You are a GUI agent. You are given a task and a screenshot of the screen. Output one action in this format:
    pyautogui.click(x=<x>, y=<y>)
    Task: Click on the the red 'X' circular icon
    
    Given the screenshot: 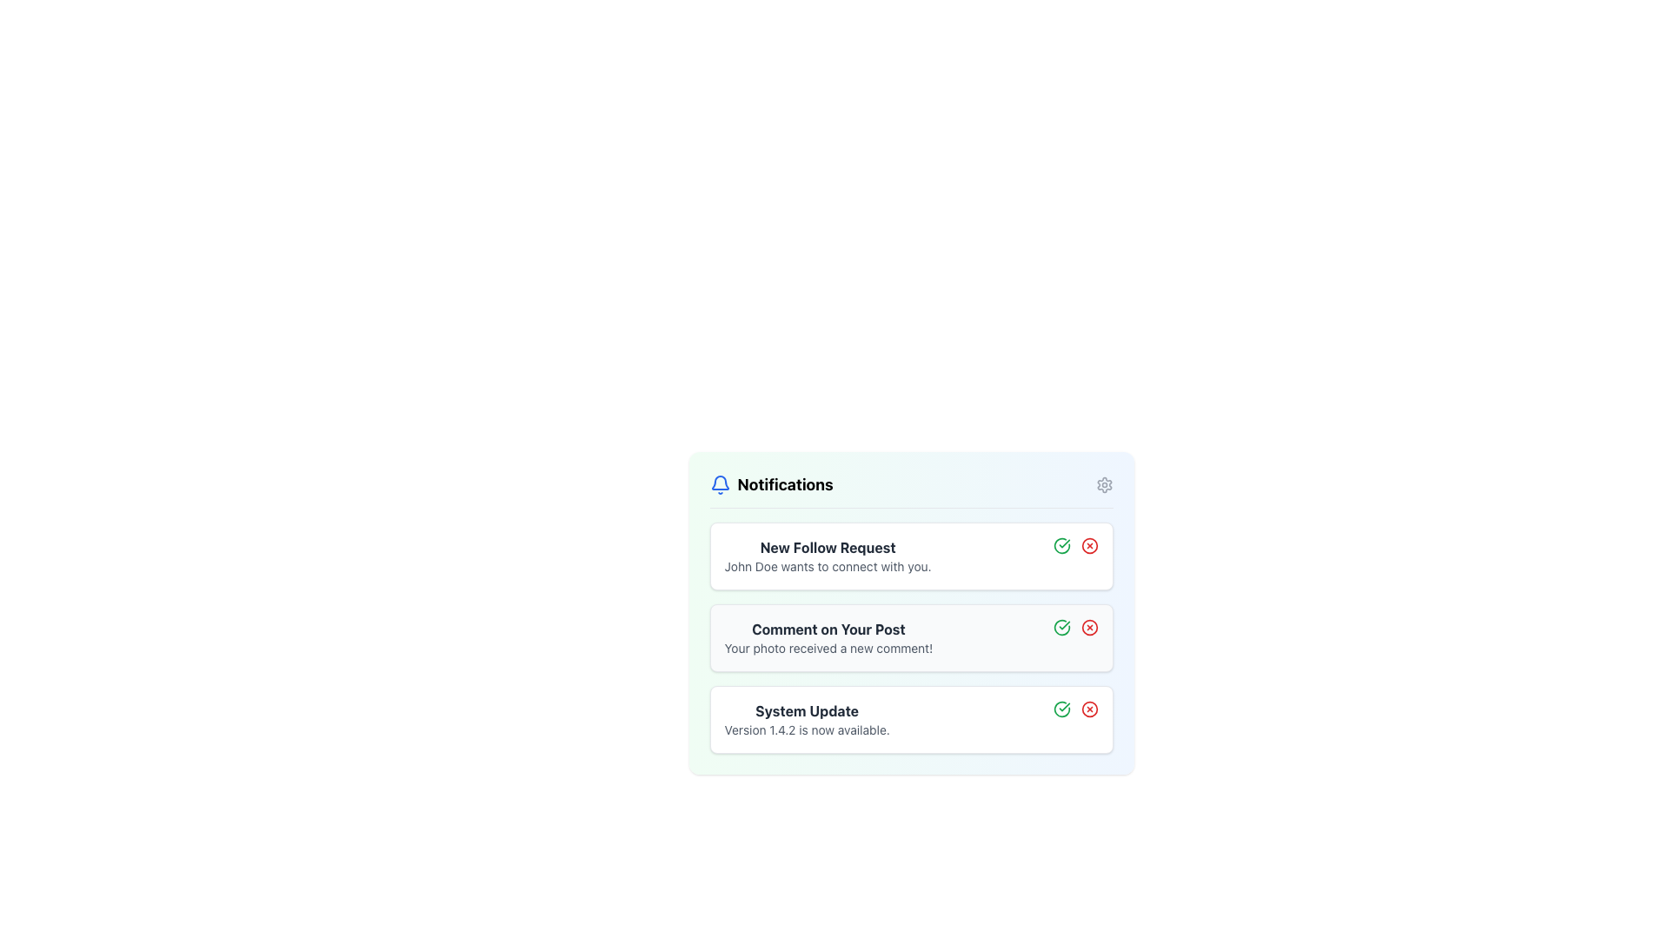 What is the action you would take?
    pyautogui.click(x=1088, y=545)
    